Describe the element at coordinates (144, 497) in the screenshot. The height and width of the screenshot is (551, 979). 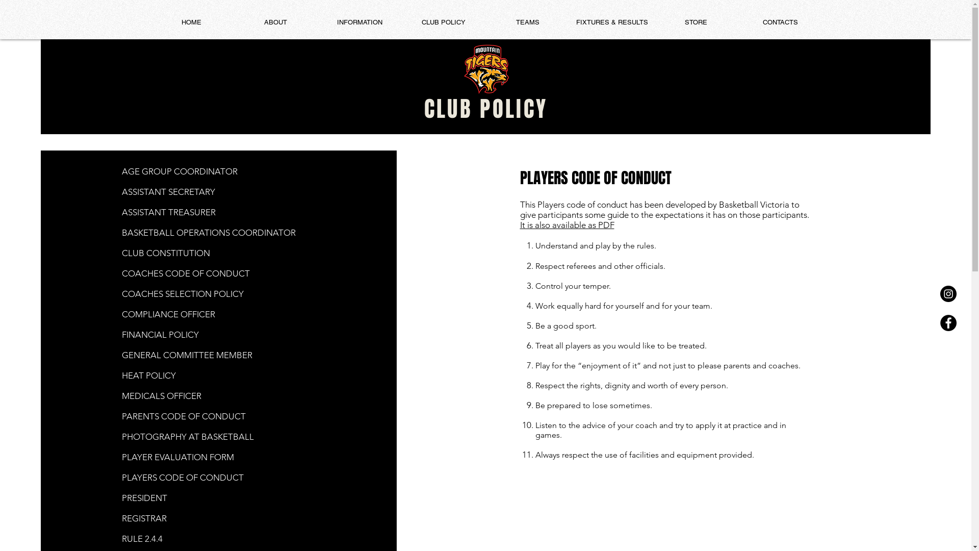
I see `'PRESIDENT'` at that location.